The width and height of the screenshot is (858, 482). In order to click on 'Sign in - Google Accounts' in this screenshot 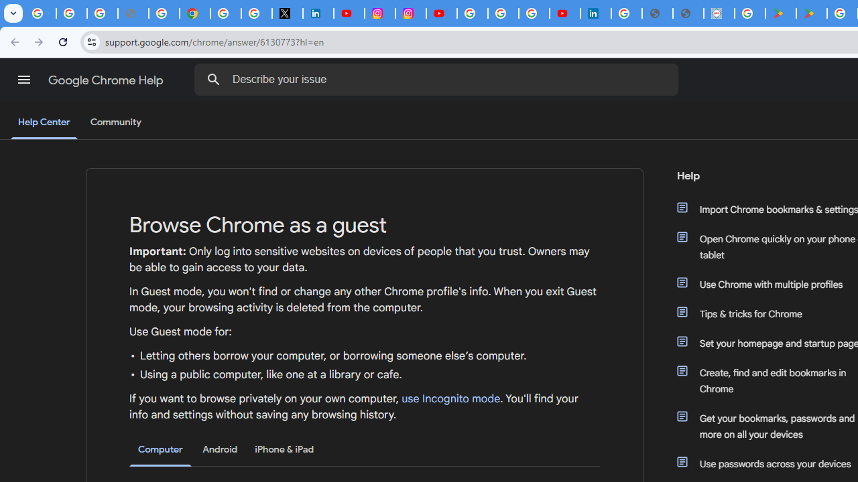, I will do `click(225, 13)`.